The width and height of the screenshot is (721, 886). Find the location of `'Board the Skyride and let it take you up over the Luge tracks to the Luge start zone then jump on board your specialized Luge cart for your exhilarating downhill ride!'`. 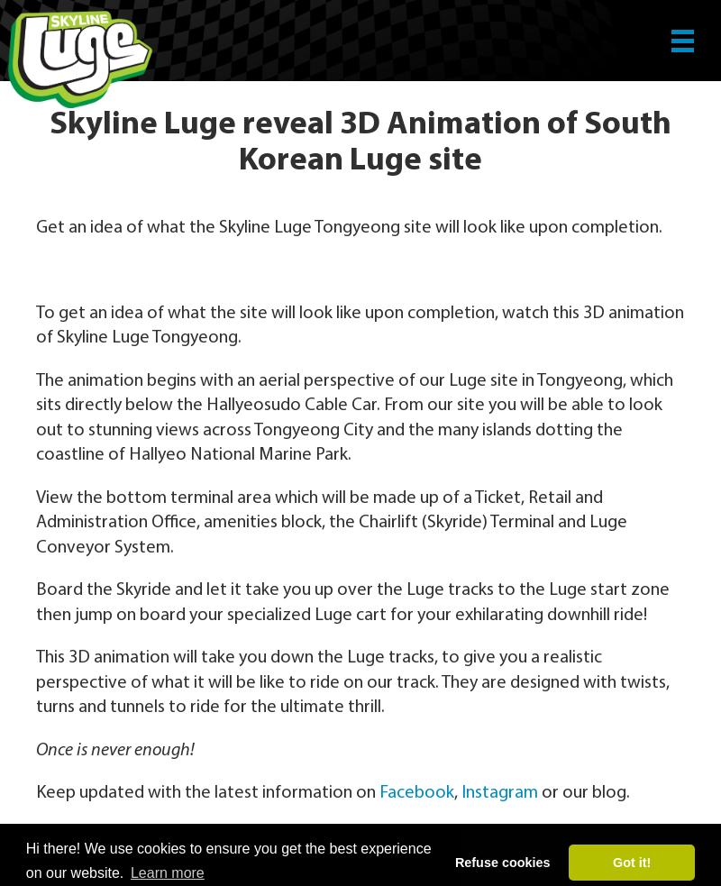

'Board the Skyride and let it take you up over the Luge tracks to the Luge start zone then jump on board your specialized Luge cart for your exhilarating downhill ride!' is located at coordinates (35, 601).